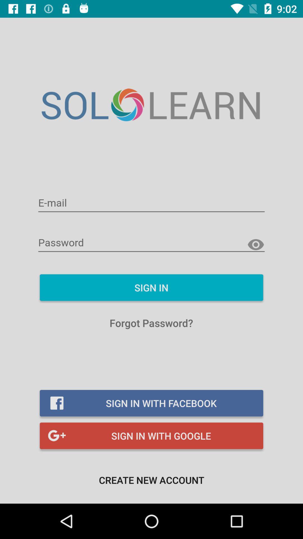 The height and width of the screenshot is (539, 303). Describe the element at coordinates (151, 203) in the screenshot. I see `because back devicer` at that location.